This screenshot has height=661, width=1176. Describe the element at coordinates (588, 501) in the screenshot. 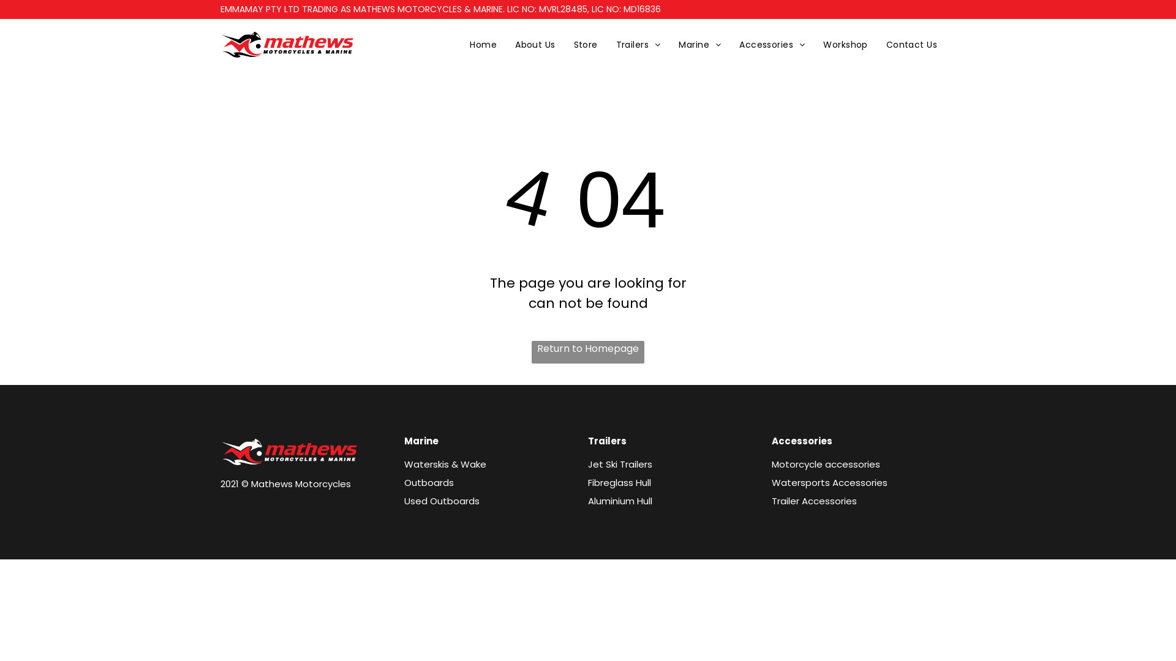

I see `'Aluminium Hull'` at that location.